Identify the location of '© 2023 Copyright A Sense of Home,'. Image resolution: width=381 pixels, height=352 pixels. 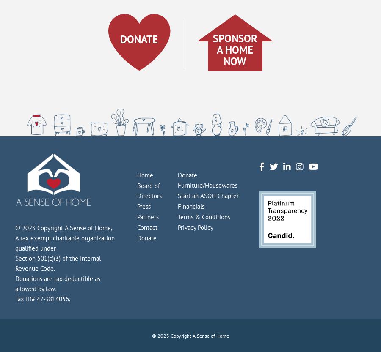
(15, 227).